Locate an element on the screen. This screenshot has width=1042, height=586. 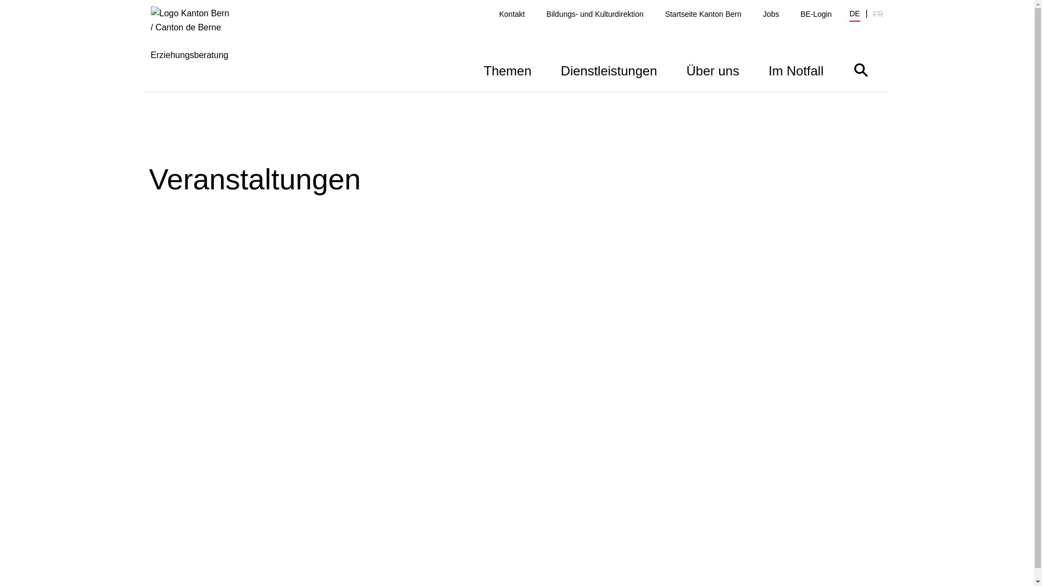
'BE-Login' is located at coordinates (816, 14).